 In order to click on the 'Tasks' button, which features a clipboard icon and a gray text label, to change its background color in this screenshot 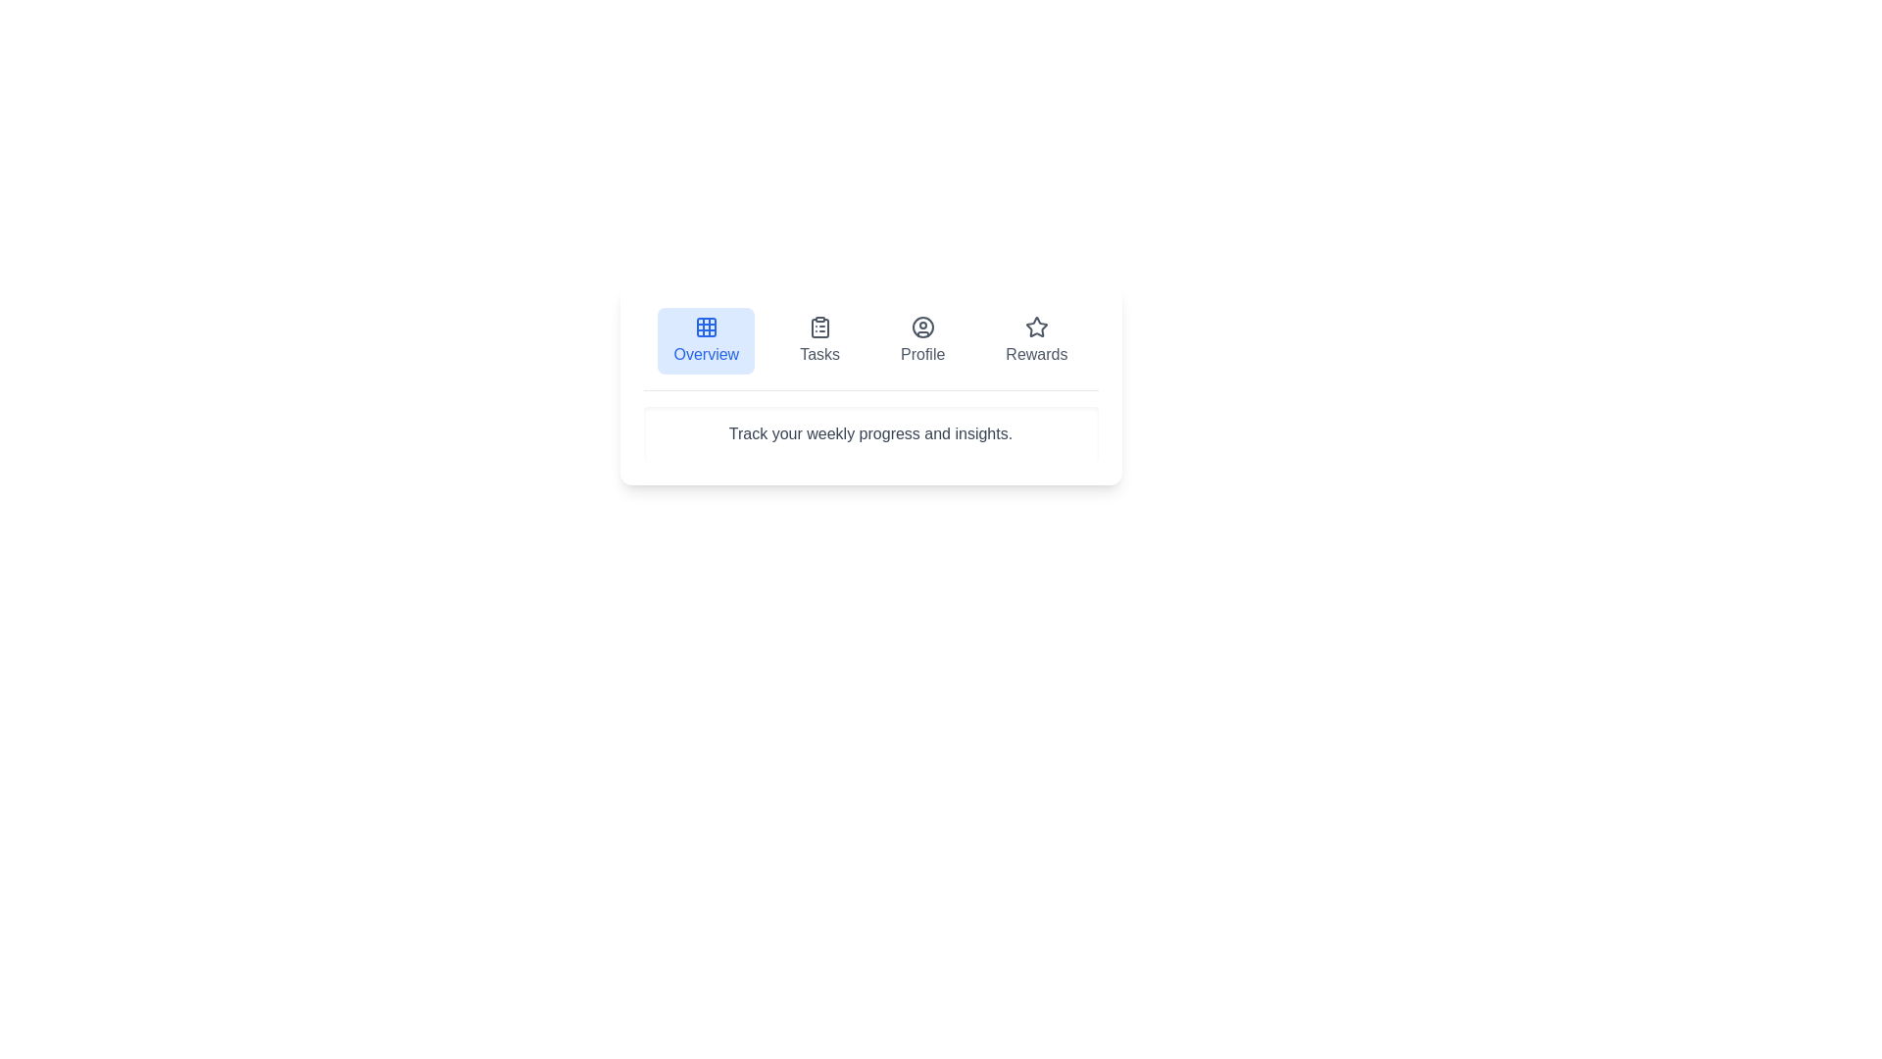, I will do `click(819, 339)`.